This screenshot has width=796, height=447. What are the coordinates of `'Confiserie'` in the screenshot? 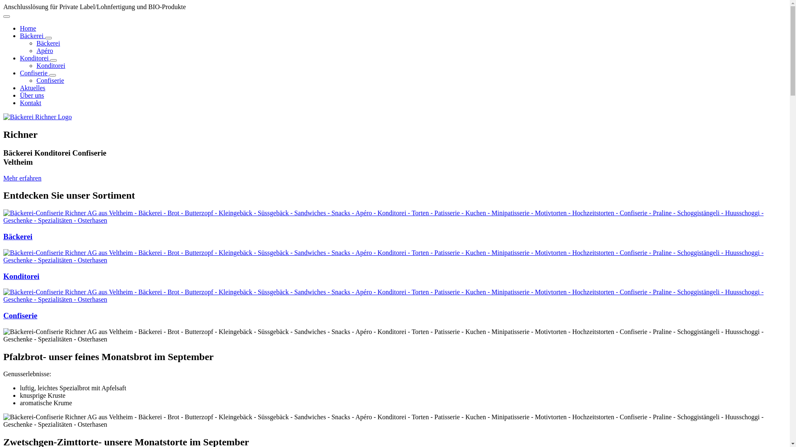 It's located at (20, 315).